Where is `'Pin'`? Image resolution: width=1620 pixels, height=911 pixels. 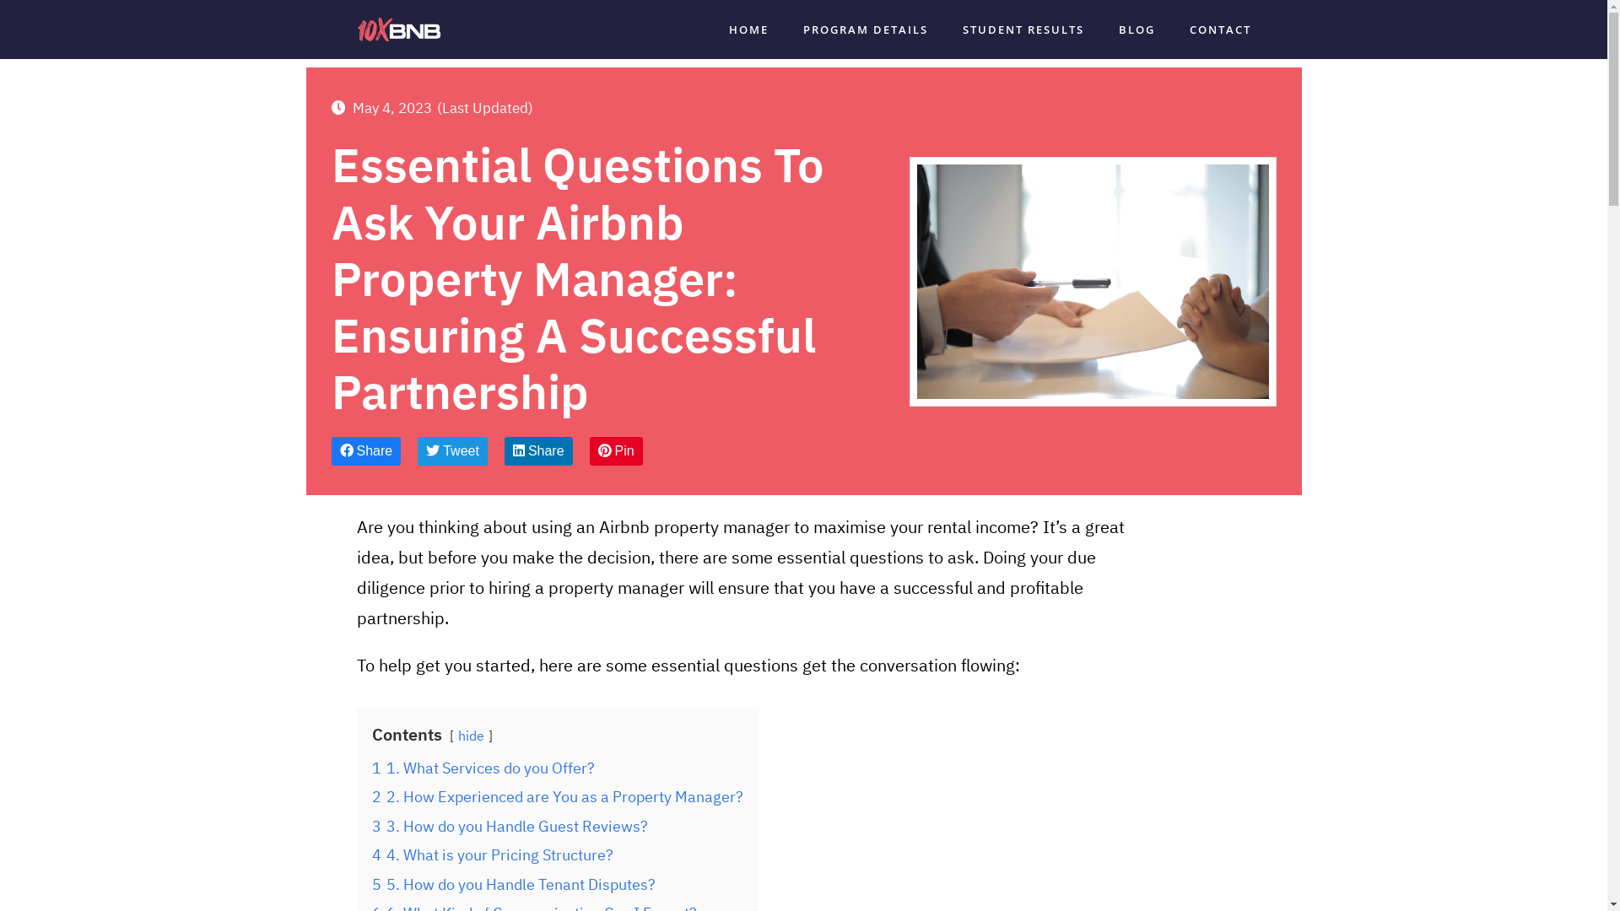
'Pin' is located at coordinates (615, 450).